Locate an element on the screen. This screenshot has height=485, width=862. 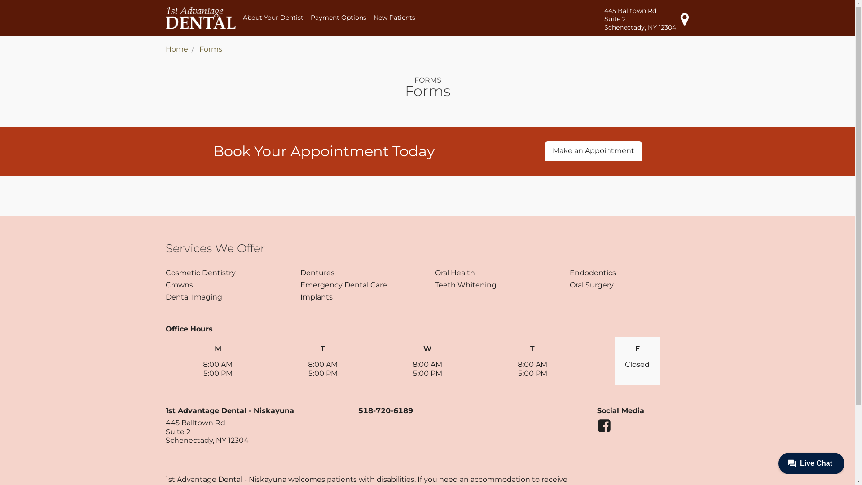
'Crowns' is located at coordinates (179, 285).